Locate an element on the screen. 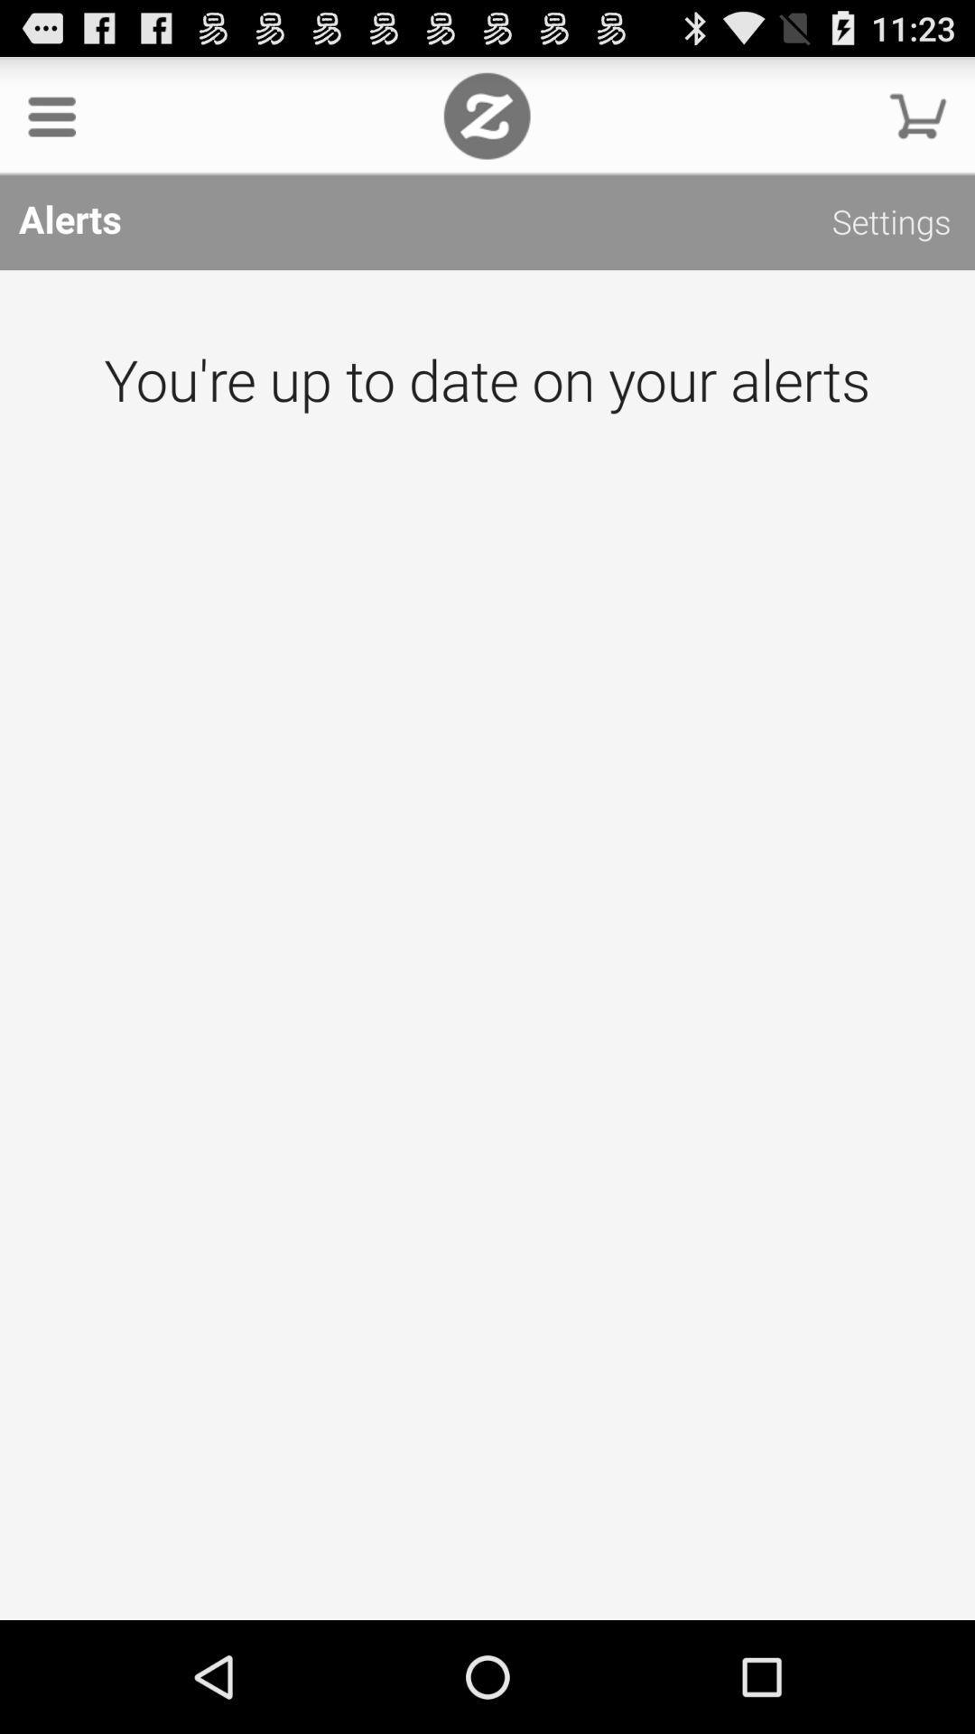 The image size is (975, 1734). the icon above alerts item is located at coordinates (486, 115).